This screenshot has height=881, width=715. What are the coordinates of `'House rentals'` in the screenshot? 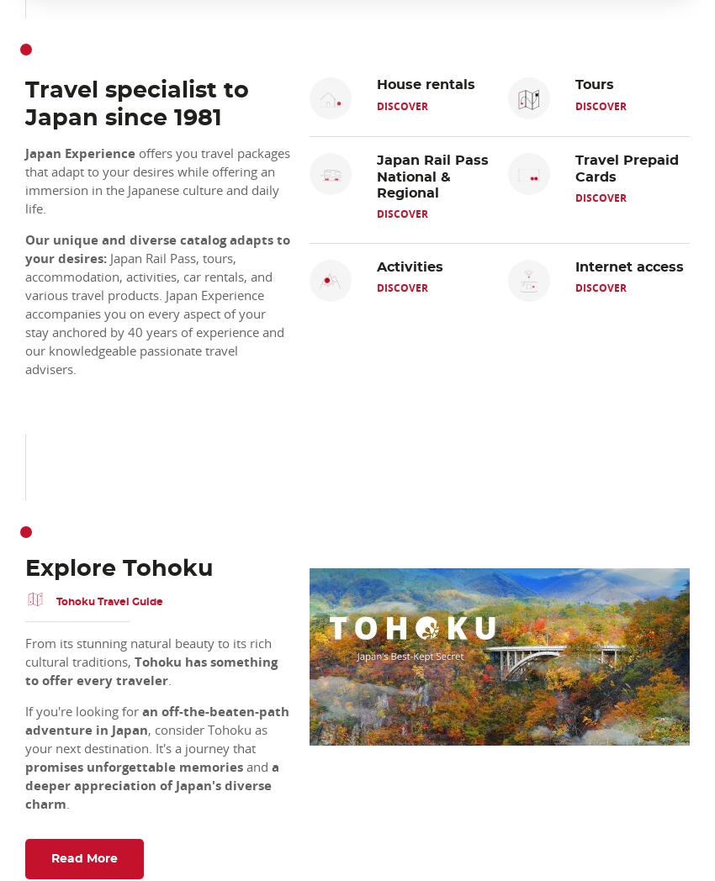 It's located at (425, 84).